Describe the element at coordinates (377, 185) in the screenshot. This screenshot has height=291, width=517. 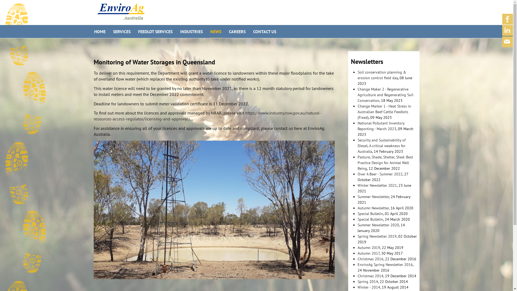
I see `'Winter Newsletter 2021'` at that location.